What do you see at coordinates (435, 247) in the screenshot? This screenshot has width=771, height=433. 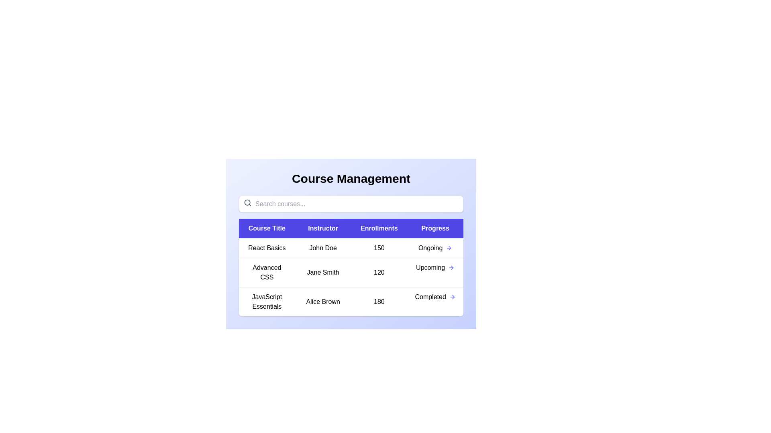 I see `the progress indicator for the course titled 'React Basics'` at bounding box center [435, 247].